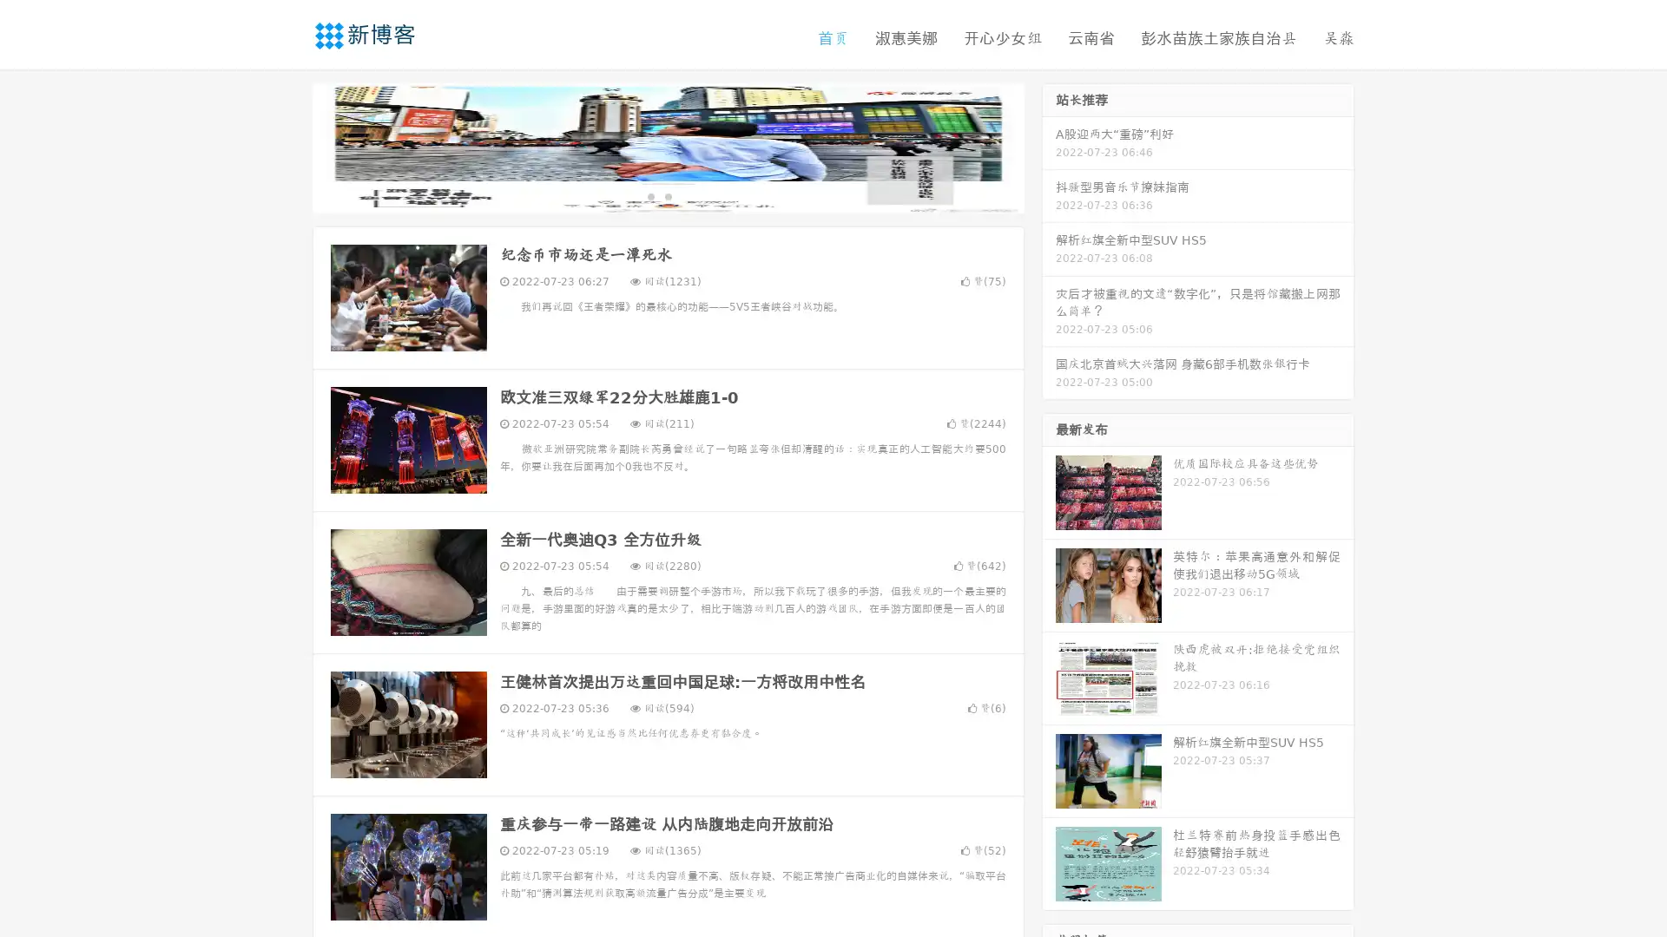 This screenshot has width=1667, height=937. I want to click on Go to slide 3, so click(685, 195).